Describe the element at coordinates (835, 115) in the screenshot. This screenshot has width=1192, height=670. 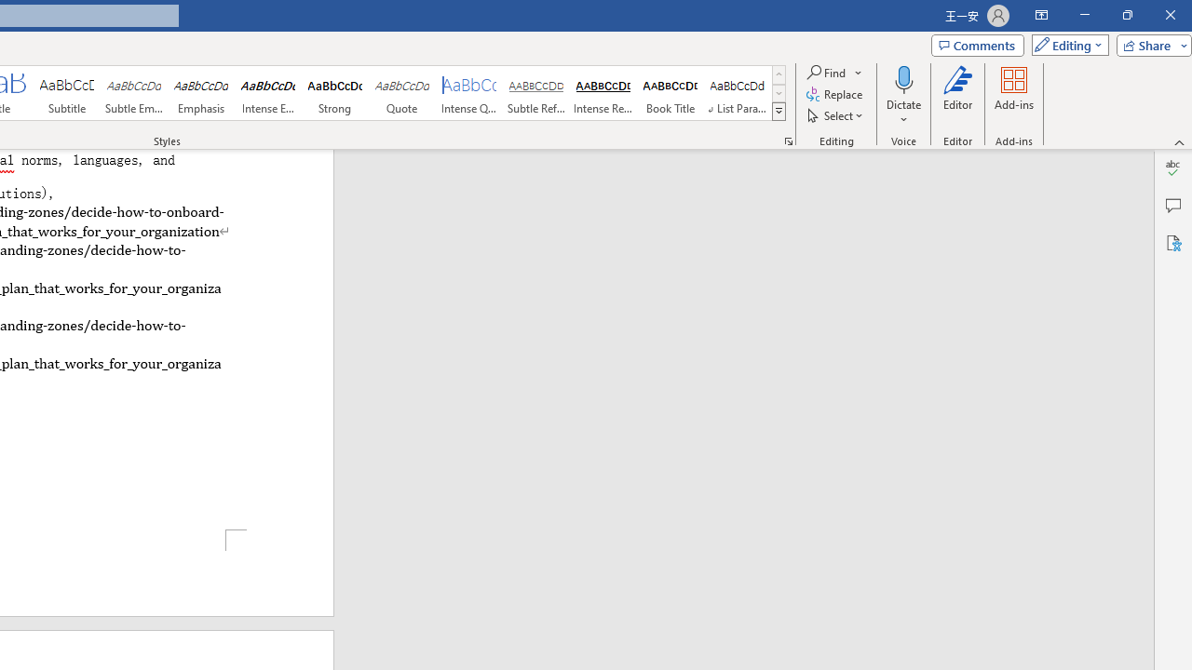
I see `'Select'` at that location.